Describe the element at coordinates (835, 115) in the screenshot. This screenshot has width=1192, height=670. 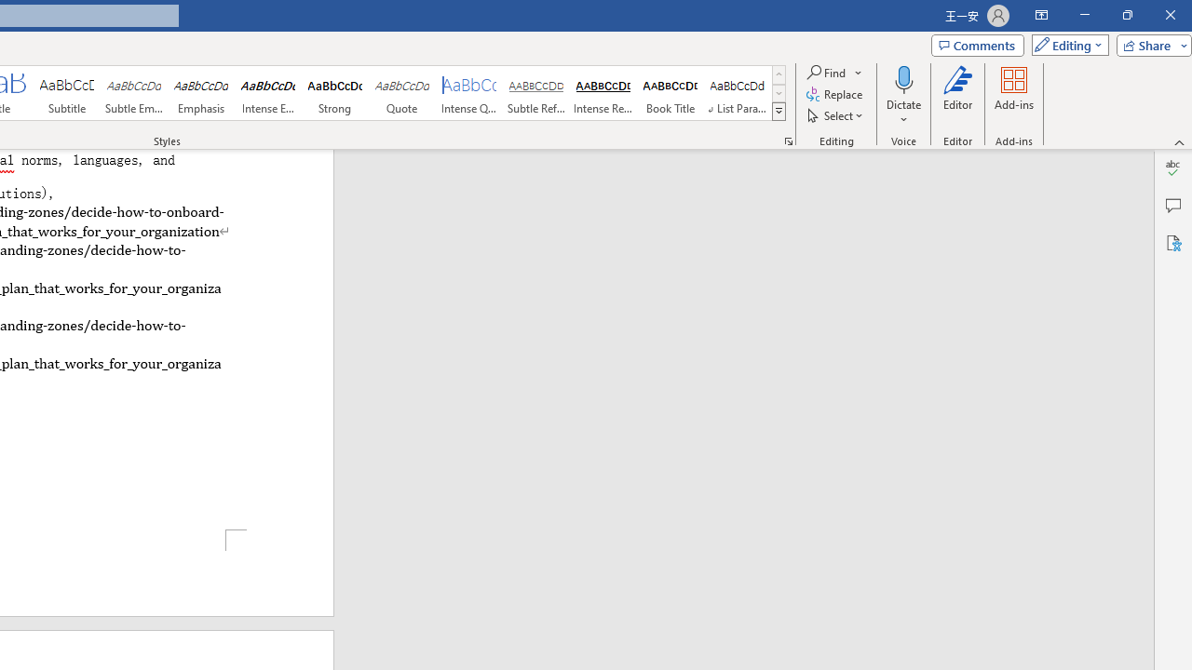
I see `'Select'` at that location.